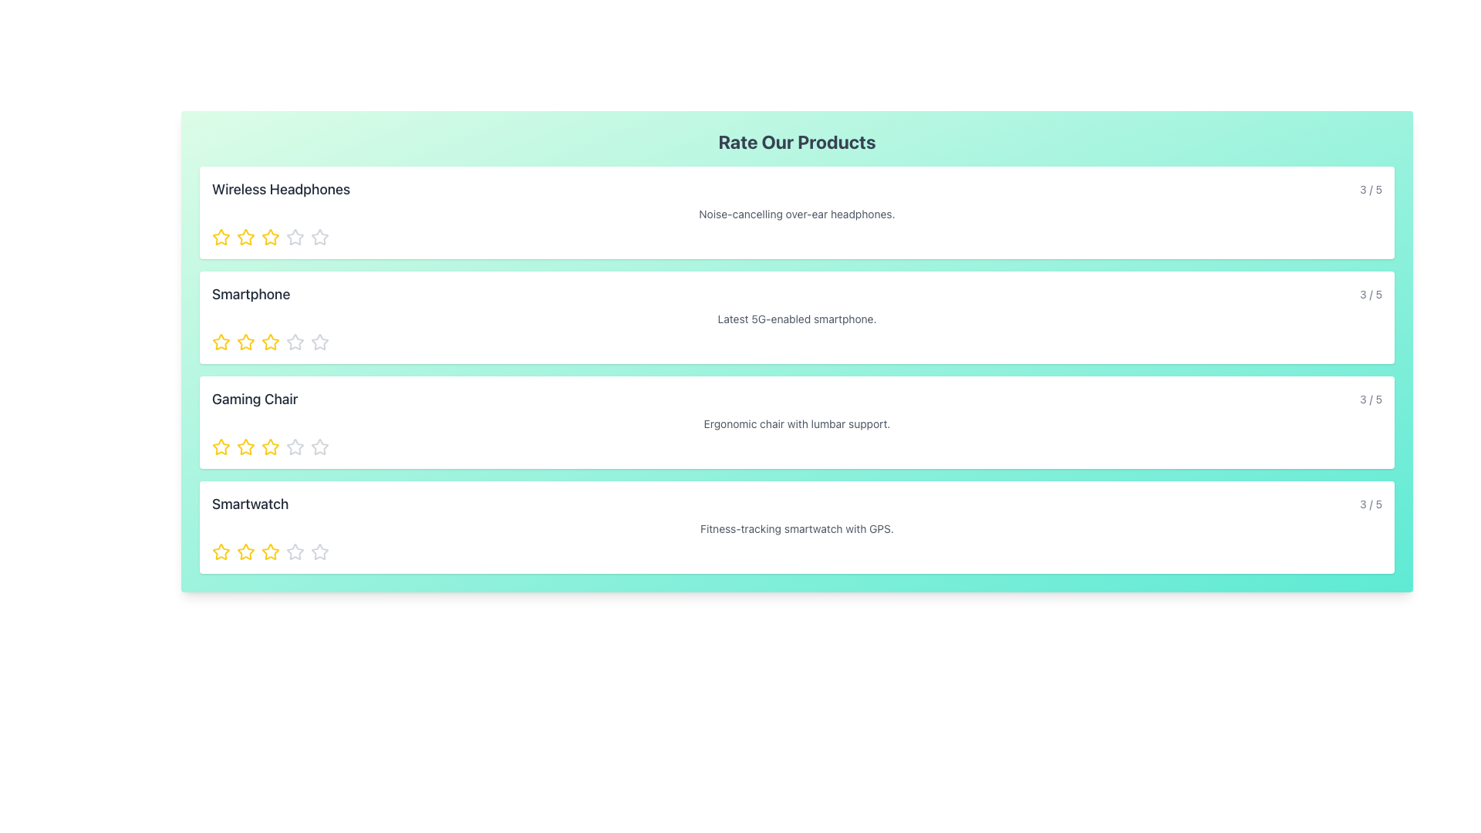  Describe the element at coordinates (245, 447) in the screenshot. I see `the first rating star for the 'Gaming Chair' product to rate it` at that location.